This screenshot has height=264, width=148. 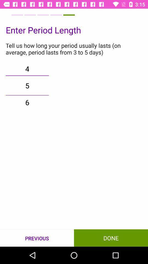 What do you see at coordinates (37, 238) in the screenshot?
I see `the item to the left of done item` at bounding box center [37, 238].